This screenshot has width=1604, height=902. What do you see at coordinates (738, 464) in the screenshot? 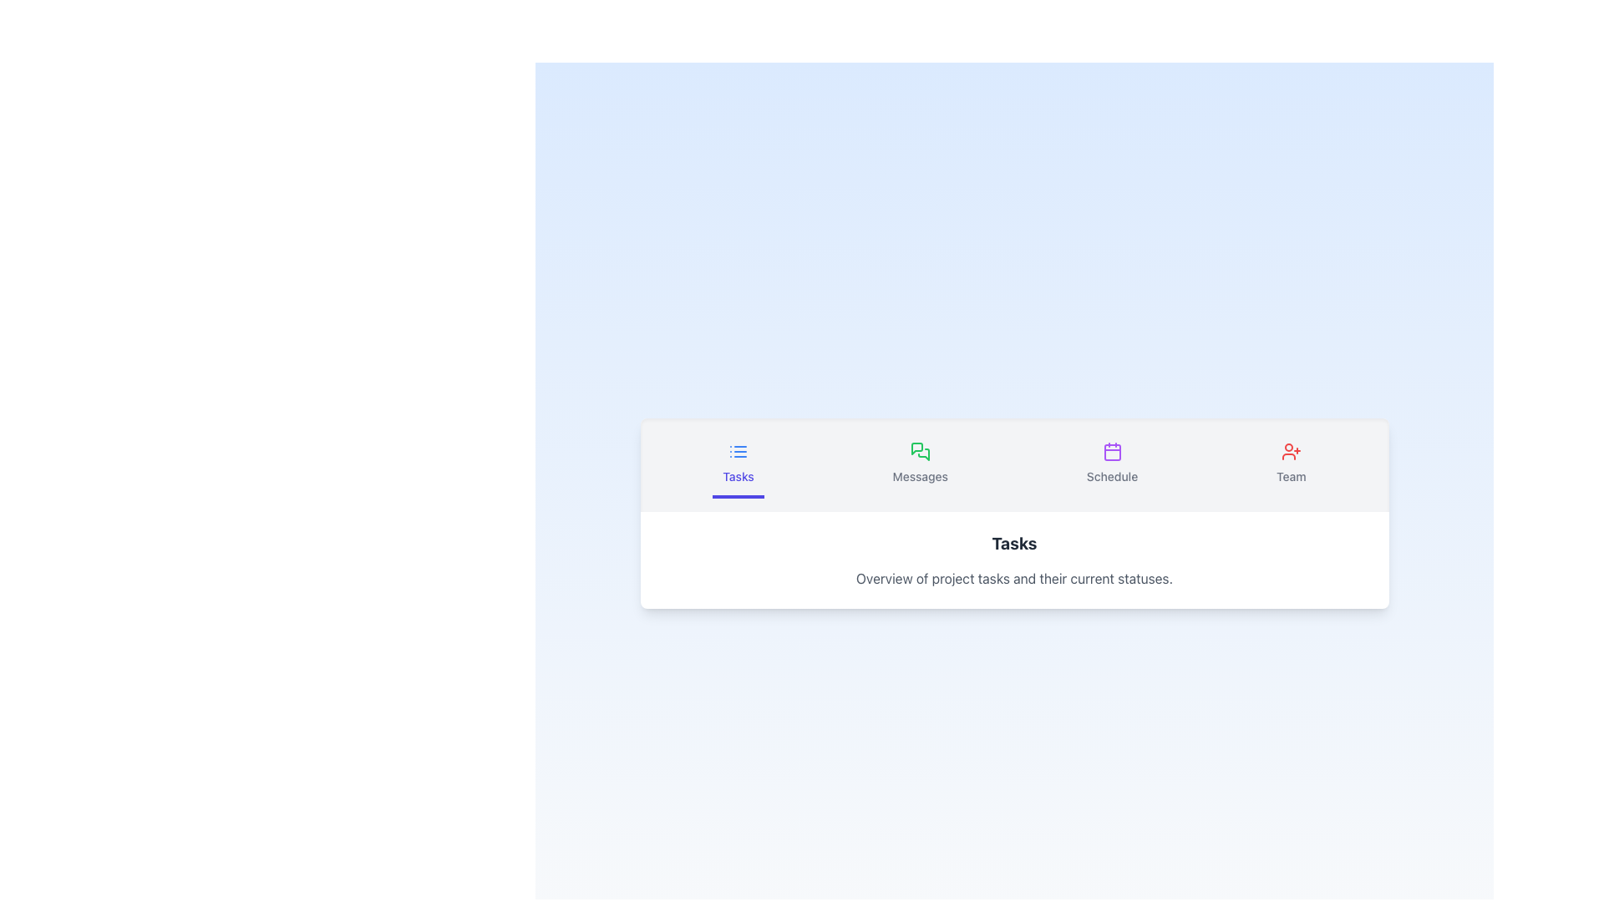
I see `the blue list icon button labeled 'Tasks' in the top center navigation bar` at bounding box center [738, 464].